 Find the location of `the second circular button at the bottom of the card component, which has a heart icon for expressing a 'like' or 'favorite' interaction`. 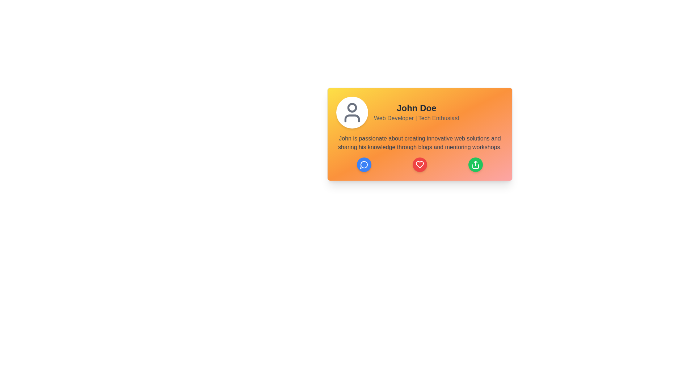

the second circular button at the bottom of the card component, which has a heart icon for expressing a 'like' or 'favorite' interaction is located at coordinates (420, 165).